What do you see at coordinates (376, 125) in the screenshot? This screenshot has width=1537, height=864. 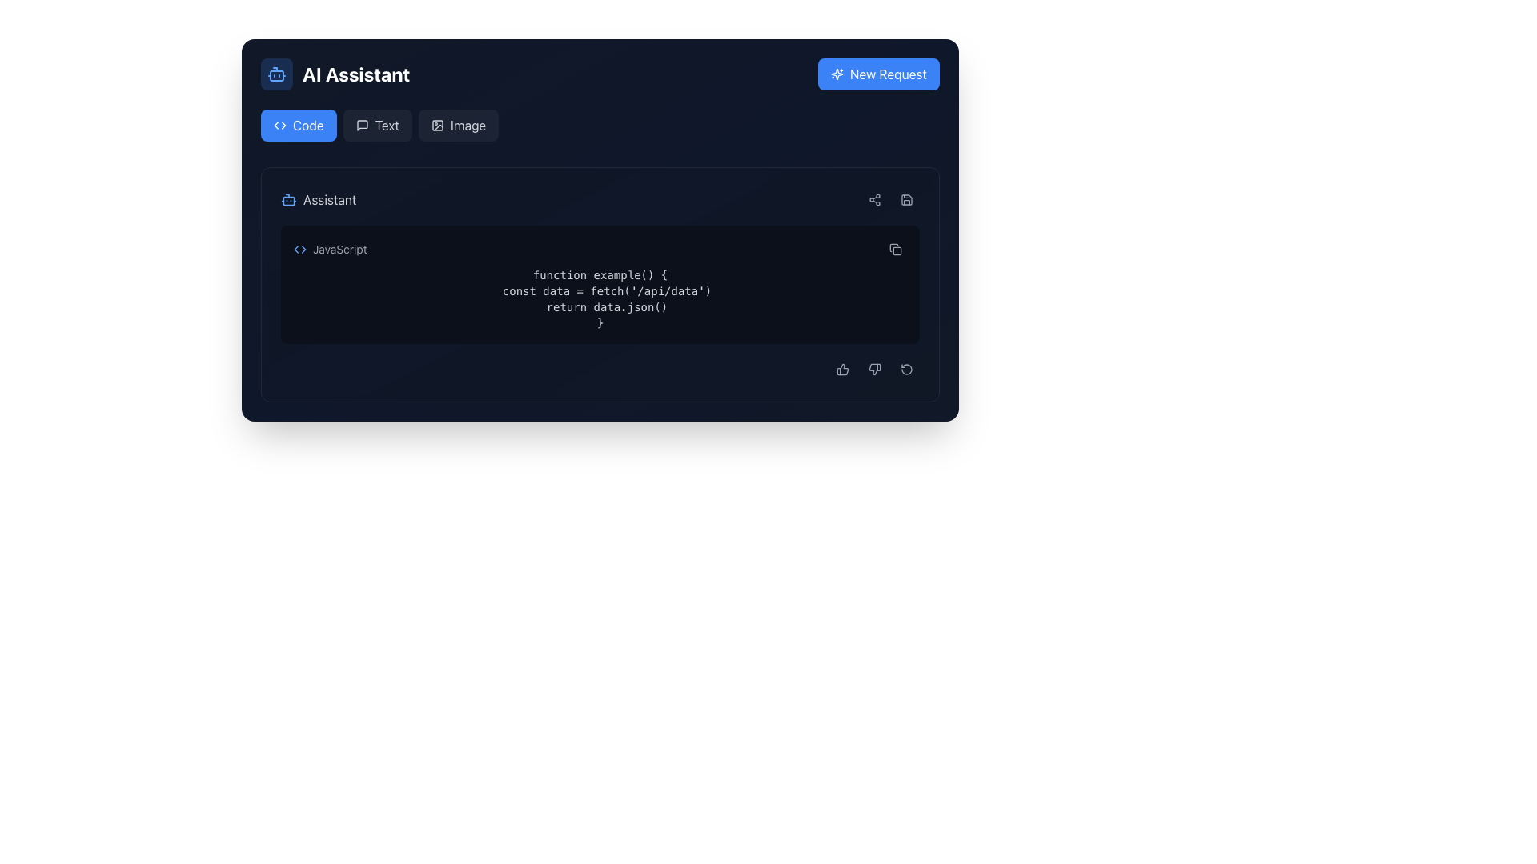 I see `the button located between the 'Code' and 'Image' buttons in the upper section of the interface to switch to text input functionality` at bounding box center [376, 125].